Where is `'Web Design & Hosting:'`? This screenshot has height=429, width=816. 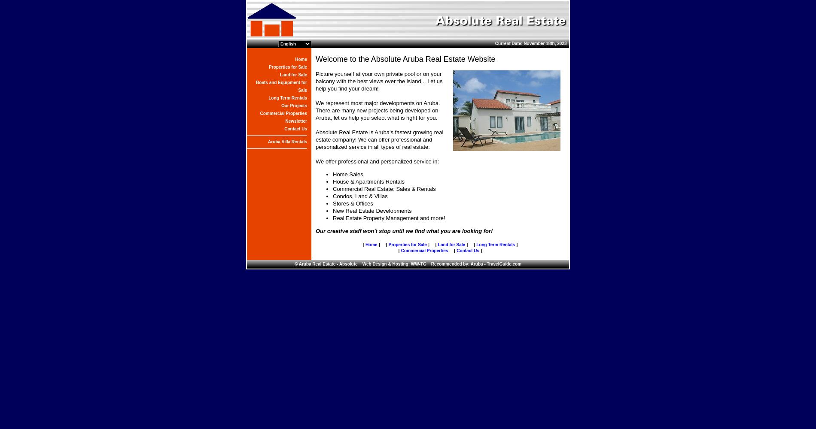 'Web Design & Hosting:' is located at coordinates (383, 263).